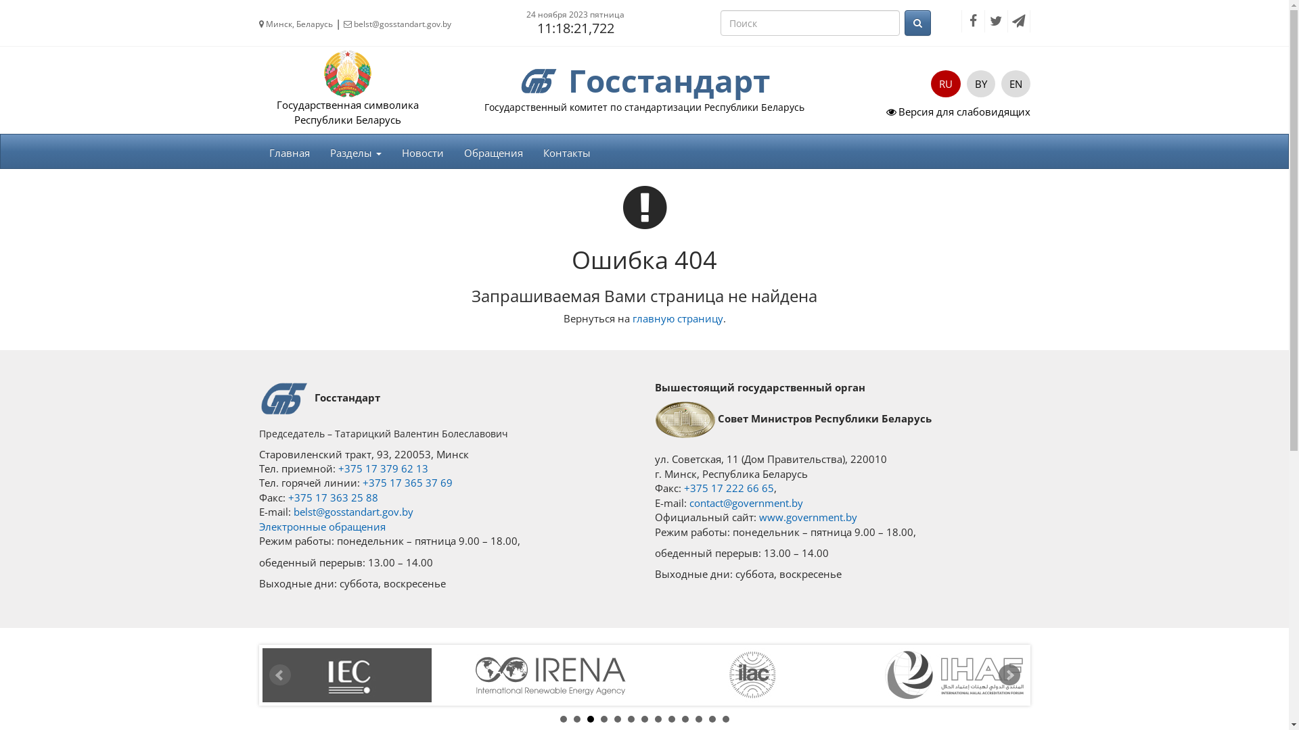 This screenshot has width=1299, height=730. What do you see at coordinates (644, 719) in the screenshot?
I see `'7'` at bounding box center [644, 719].